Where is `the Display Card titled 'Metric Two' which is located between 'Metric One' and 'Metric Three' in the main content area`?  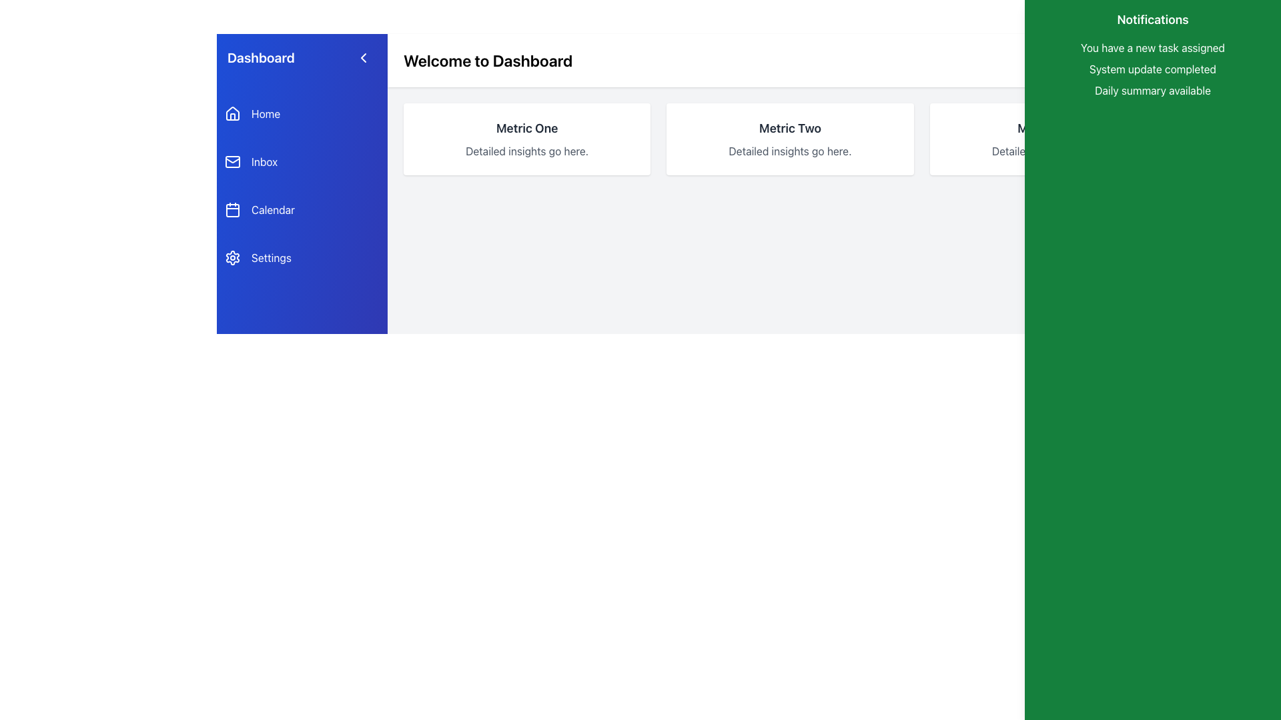
the Display Card titled 'Metric Two' which is located between 'Metric One' and 'Metric Three' in the main content area is located at coordinates (790, 139).